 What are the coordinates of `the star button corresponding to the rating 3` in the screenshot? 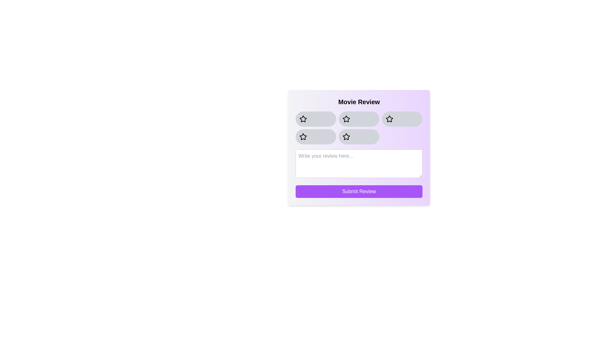 It's located at (402, 119).